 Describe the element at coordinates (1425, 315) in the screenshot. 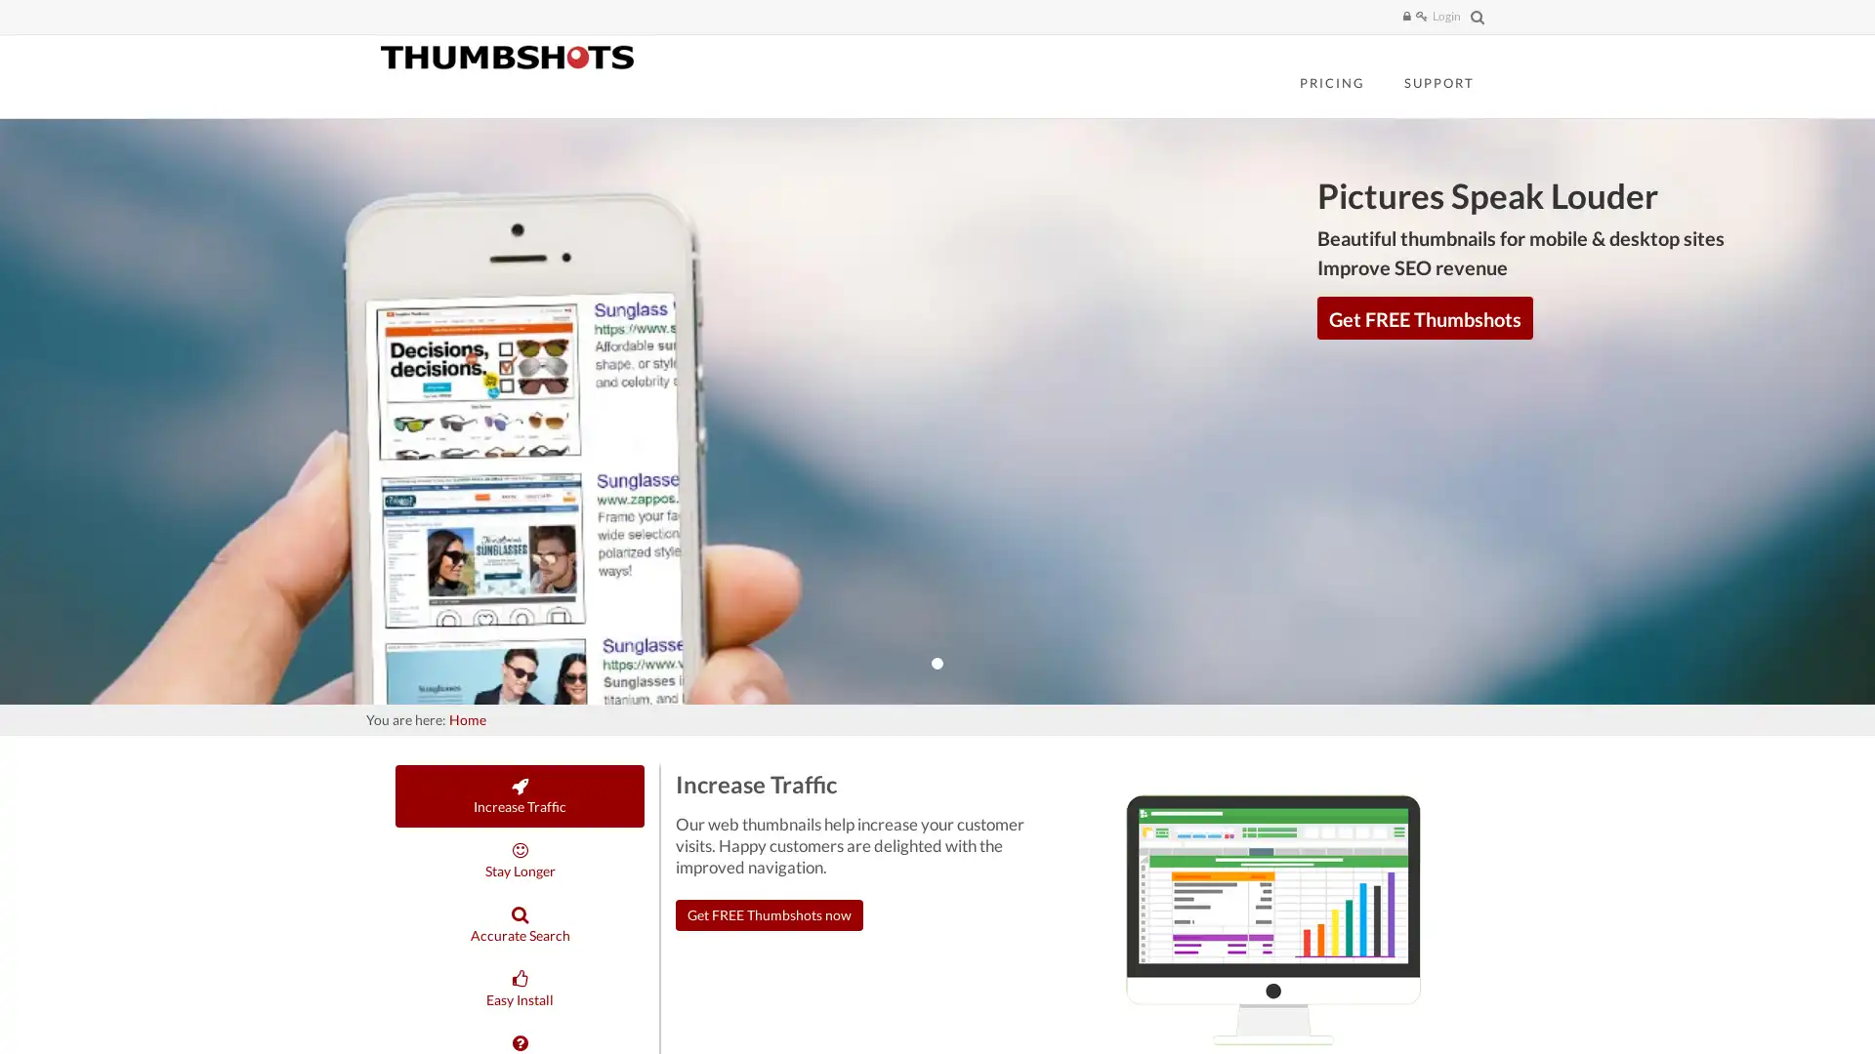

I see `Get FREE Thumbshots` at that location.